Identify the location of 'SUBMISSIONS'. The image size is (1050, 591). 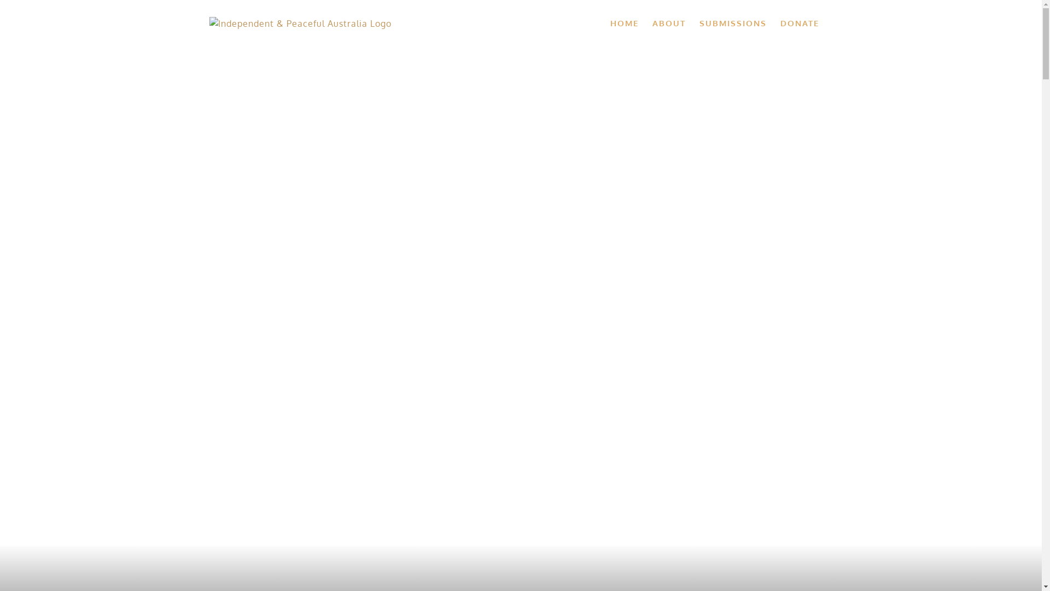
(732, 23).